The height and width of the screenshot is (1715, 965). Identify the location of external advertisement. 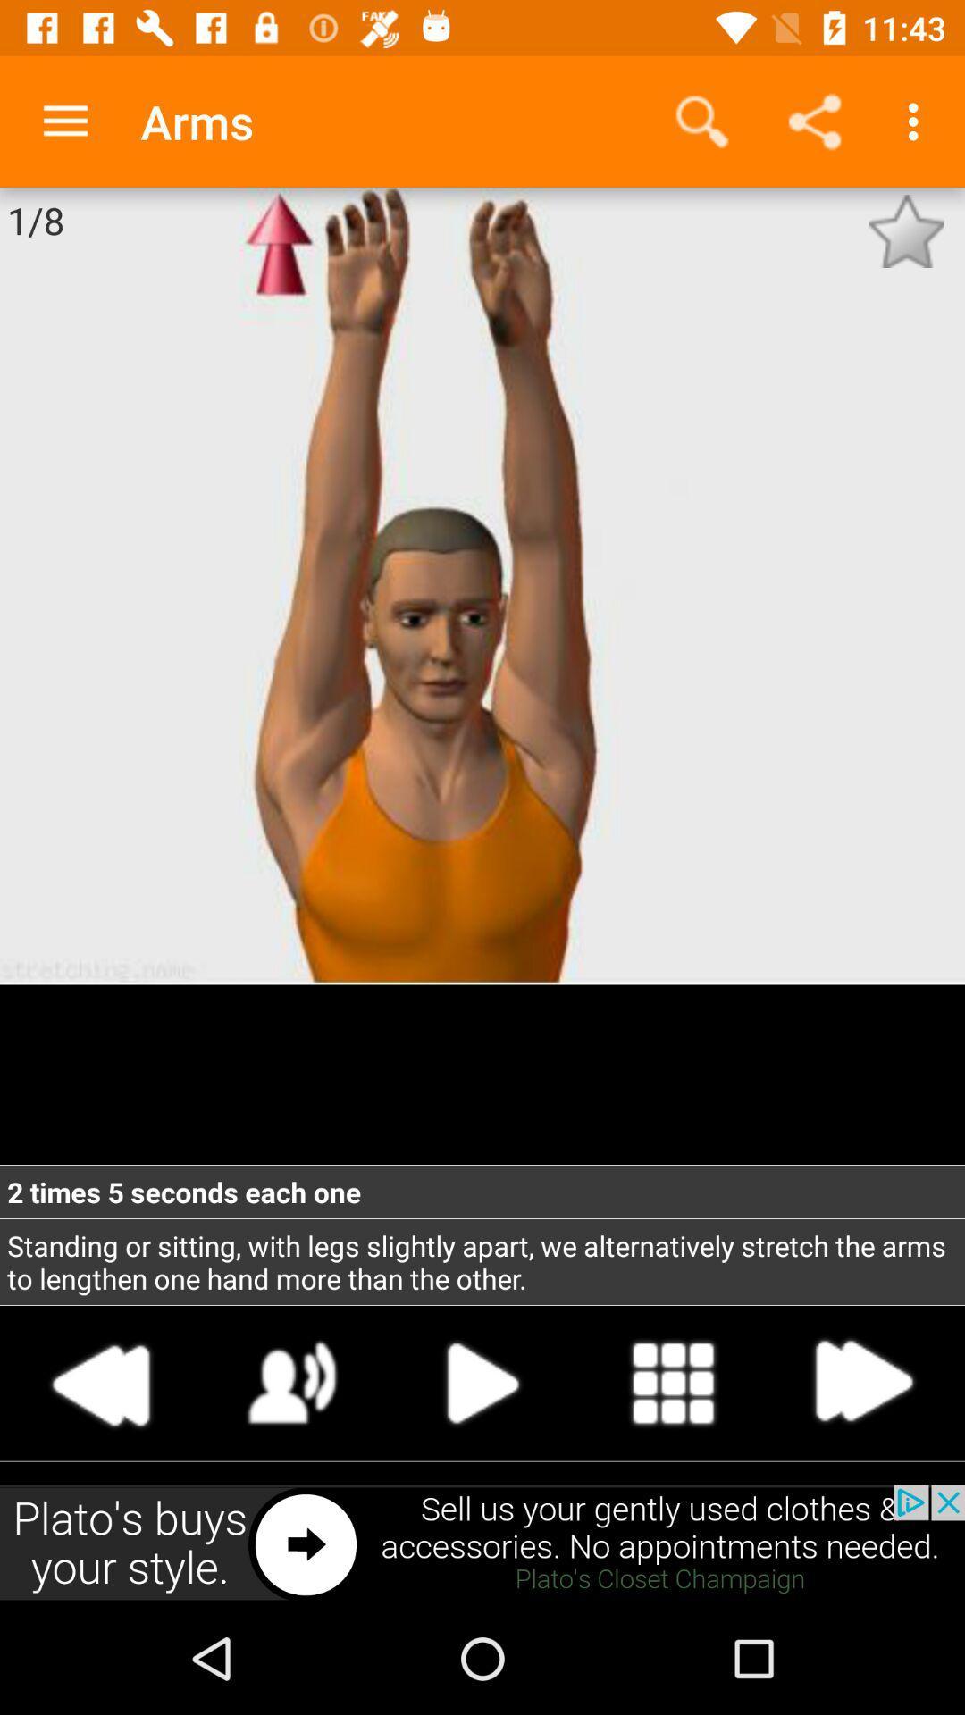
(482, 1543).